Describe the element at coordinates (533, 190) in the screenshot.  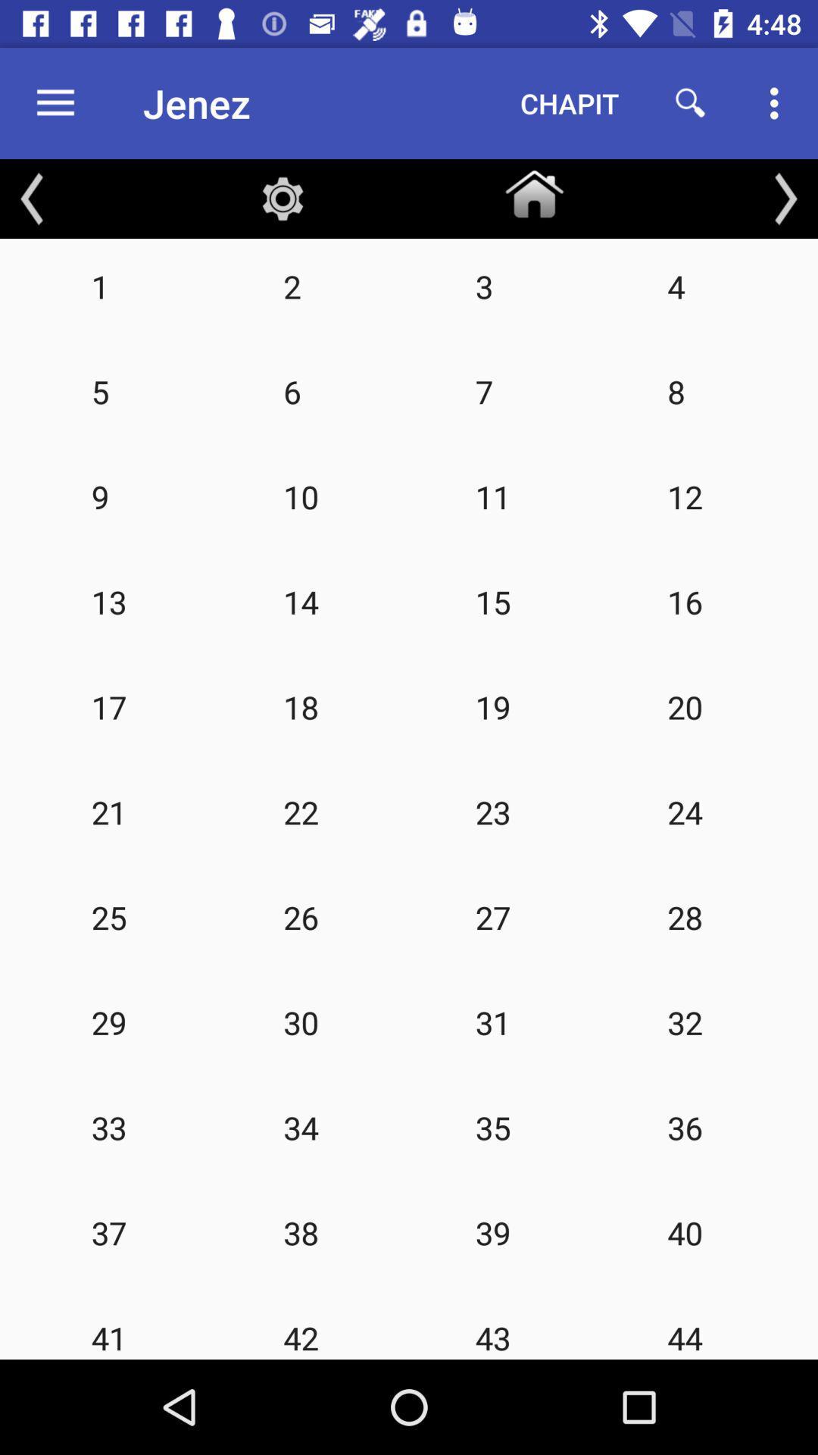
I see `the home icon` at that location.